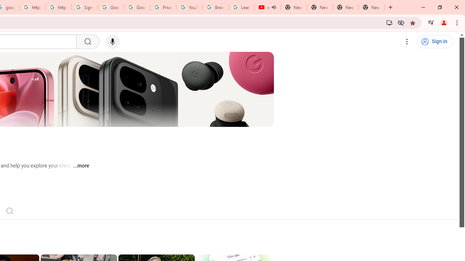 This screenshot has width=465, height=261. I want to click on 'Install YouTube', so click(389, 22).